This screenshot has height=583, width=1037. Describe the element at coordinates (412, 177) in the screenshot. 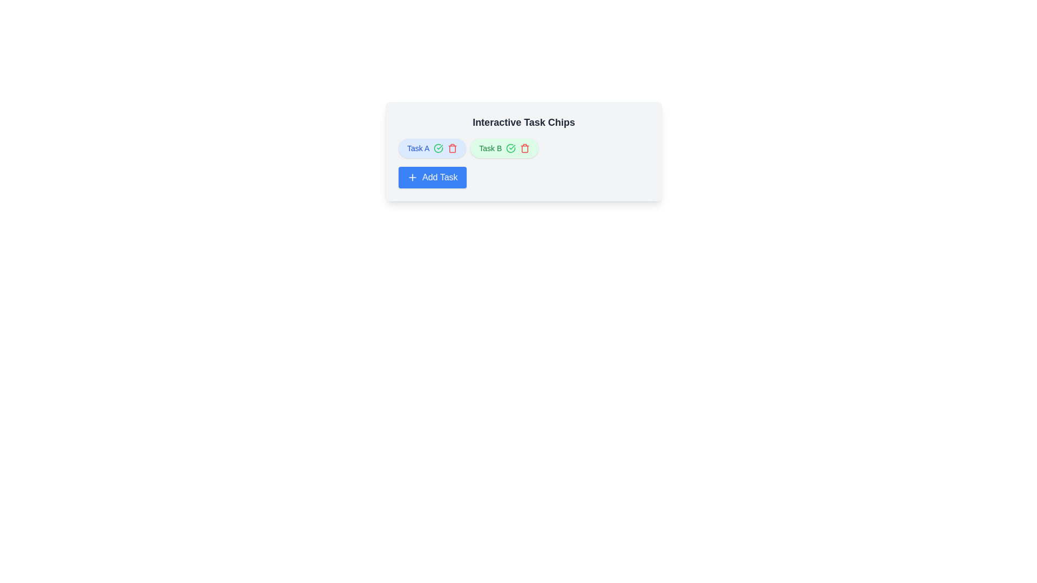

I see `the 'Add Task' button by clicking on the small 'plus' sign icon located to its left` at that location.